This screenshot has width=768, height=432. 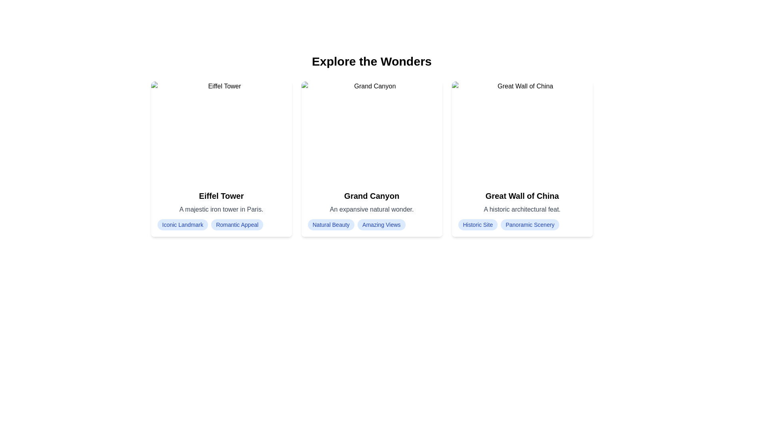 I want to click on the tag group containing the labels 'Historic Site' and 'Panoramic Scenery' located at the bottom of the card labeled 'Great Wall of China', so click(x=522, y=225).